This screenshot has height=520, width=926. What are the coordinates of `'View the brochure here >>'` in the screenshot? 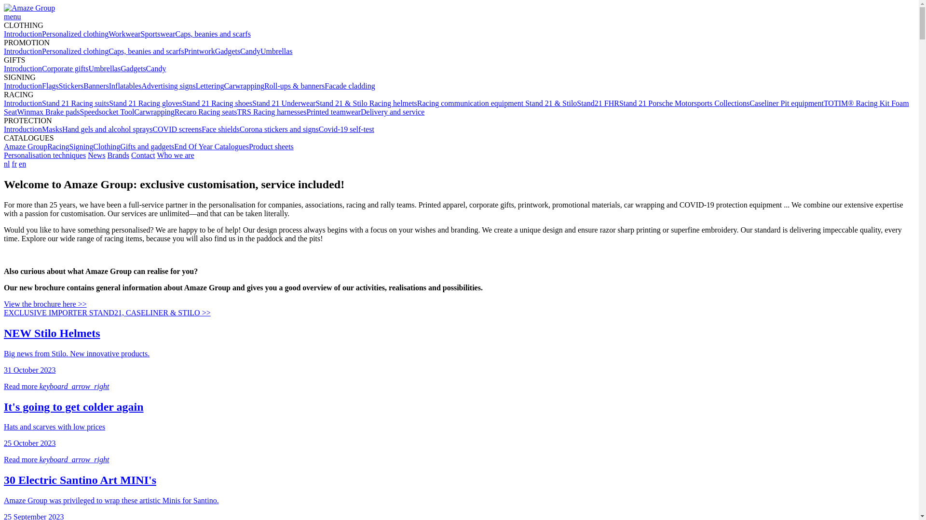 It's located at (45, 304).